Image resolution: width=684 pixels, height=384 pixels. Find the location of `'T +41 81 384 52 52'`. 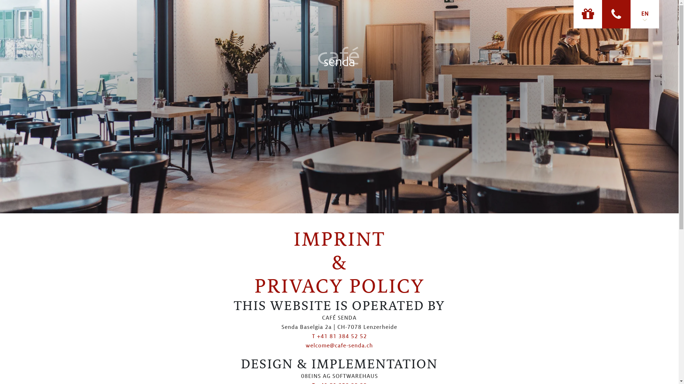

'T +41 81 384 52 52' is located at coordinates (339, 336).